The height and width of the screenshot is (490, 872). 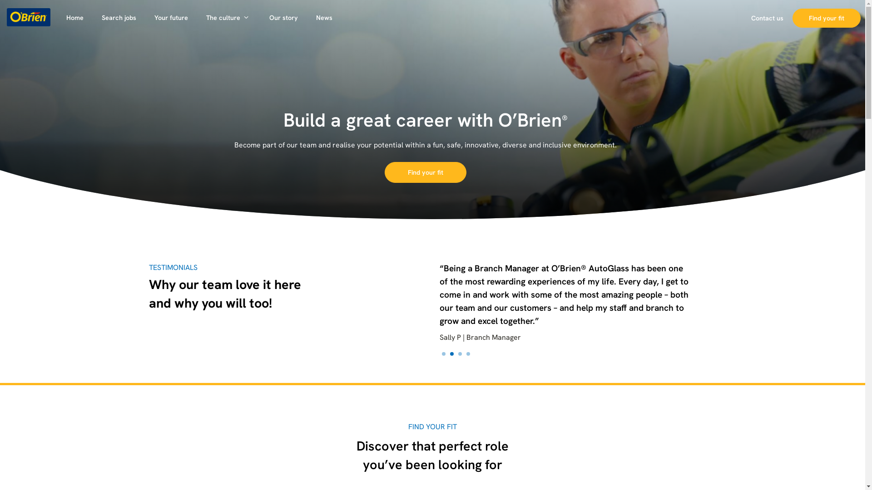 I want to click on 'News', so click(x=324, y=18).